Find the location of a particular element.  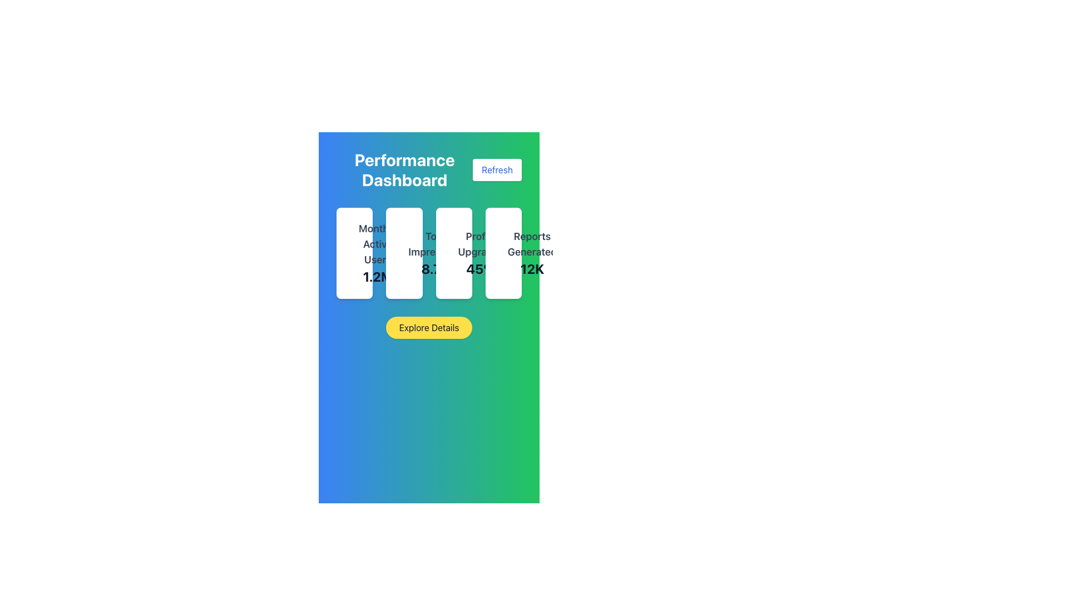

the information displayed on the Card or Information Panel that shows 'Total Impressions 8.7M', located in the Performance Dashboard, between the 'Monthly Active Users' and 'Profile Upgrades' cards is located at coordinates (403, 253).